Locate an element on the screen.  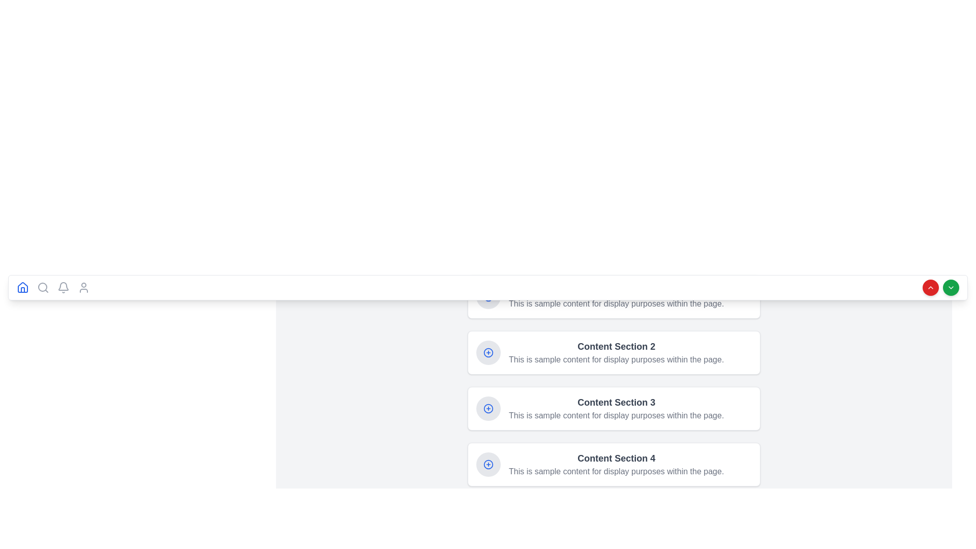
the house icon on the far-left side of the horizontal navigation bar to change its appearance is located at coordinates (22, 288).